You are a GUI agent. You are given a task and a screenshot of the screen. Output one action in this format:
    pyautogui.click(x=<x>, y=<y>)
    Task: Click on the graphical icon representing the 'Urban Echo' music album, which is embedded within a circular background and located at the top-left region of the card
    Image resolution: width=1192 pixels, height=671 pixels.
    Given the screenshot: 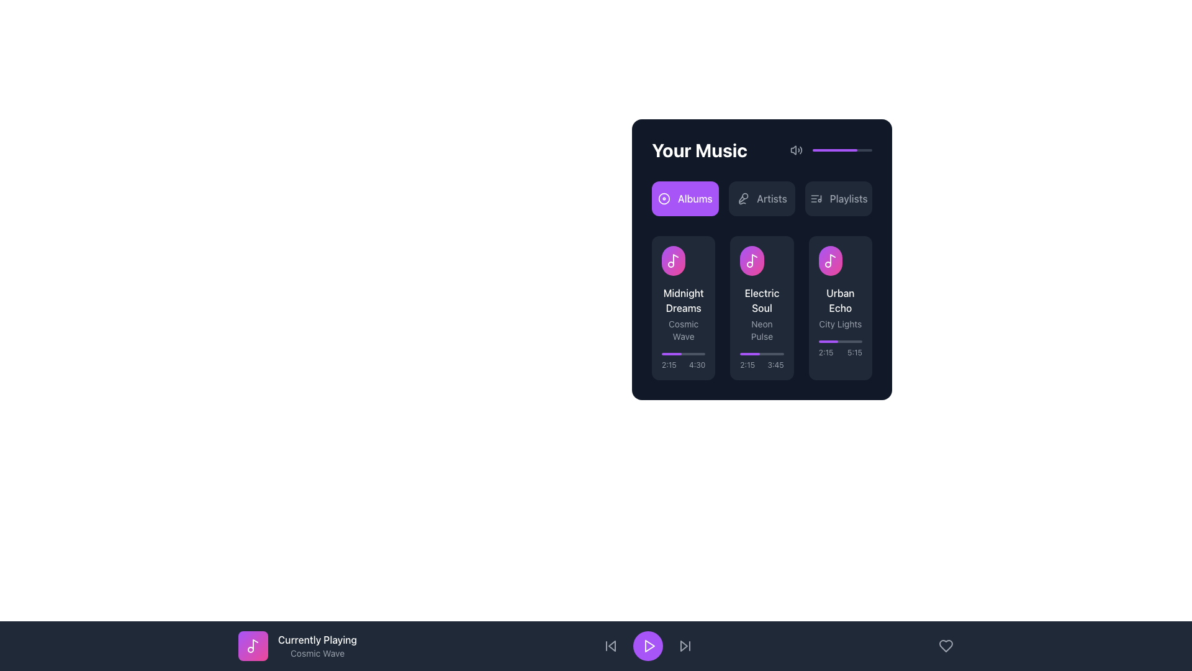 What is the action you would take?
    pyautogui.click(x=840, y=260)
    